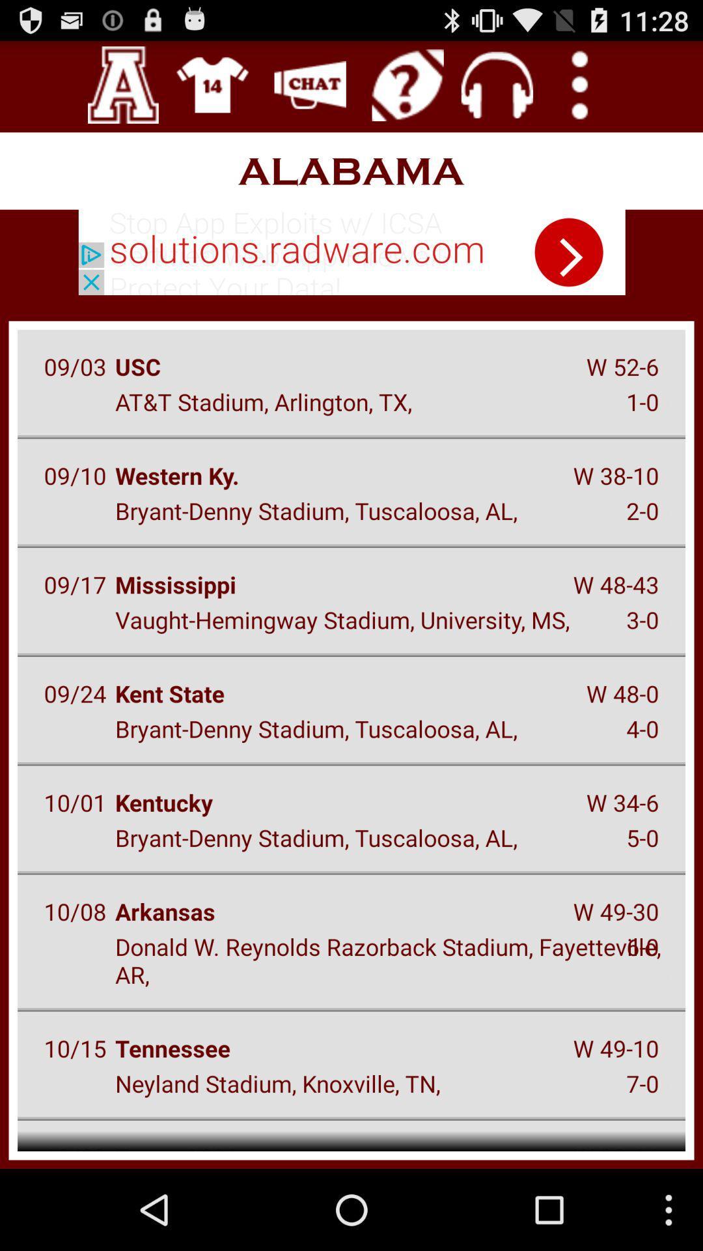 Image resolution: width=703 pixels, height=1251 pixels. What do you see at coordinates (579, 90) in the screenshot?
I see `the more icon` at bounding box center [579, 90].